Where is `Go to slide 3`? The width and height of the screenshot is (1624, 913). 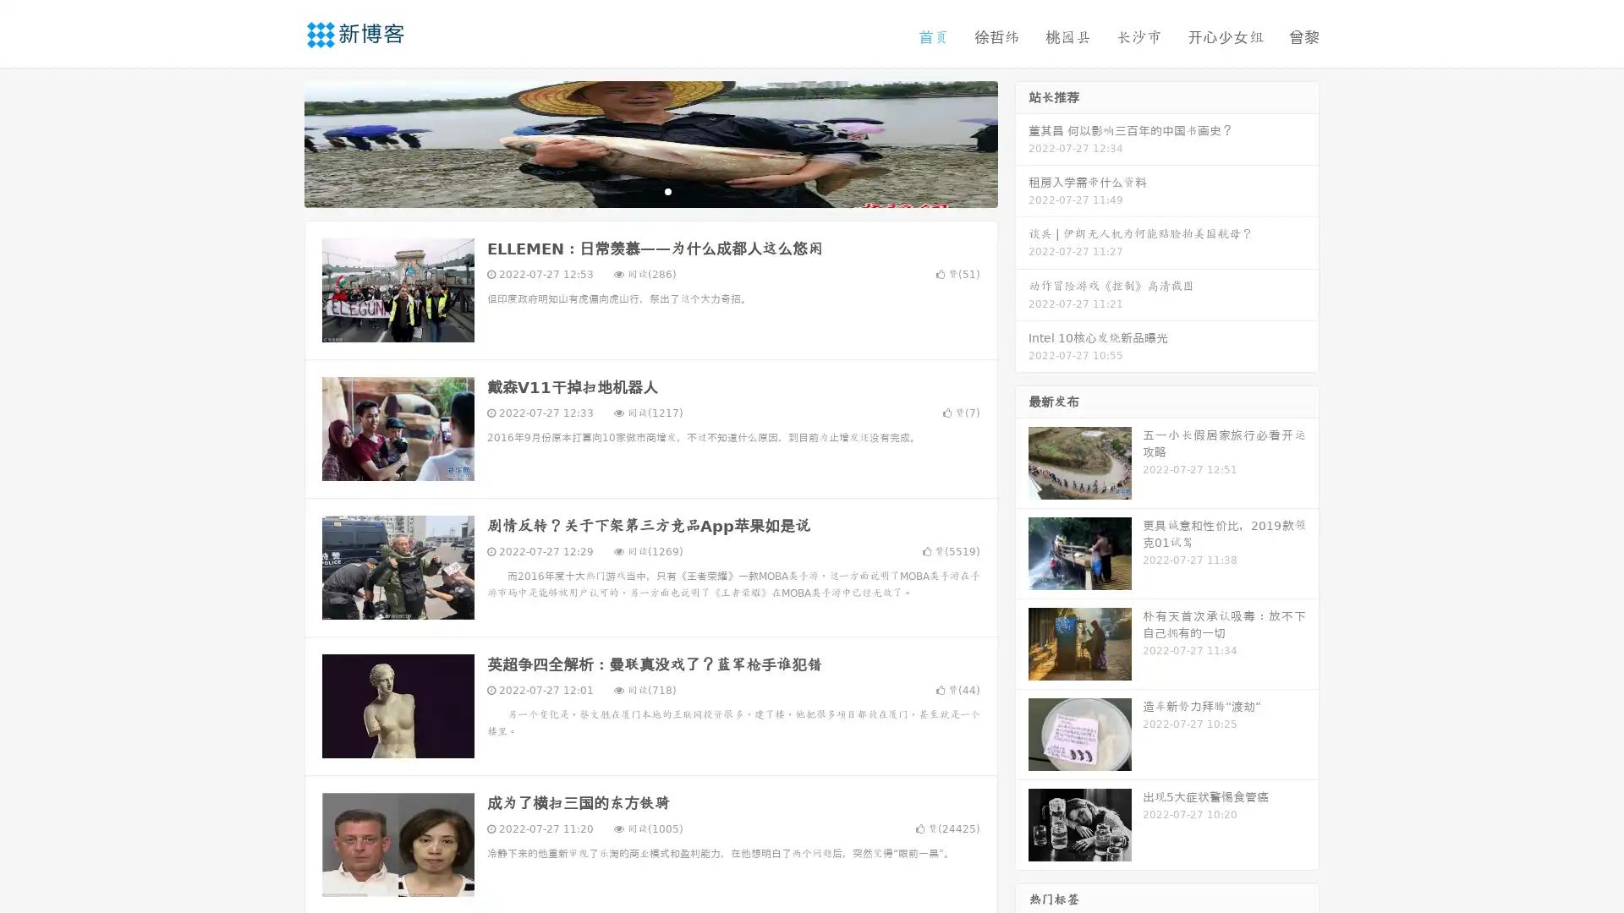 Go to slide 3 is located at coordinates (667, 190).